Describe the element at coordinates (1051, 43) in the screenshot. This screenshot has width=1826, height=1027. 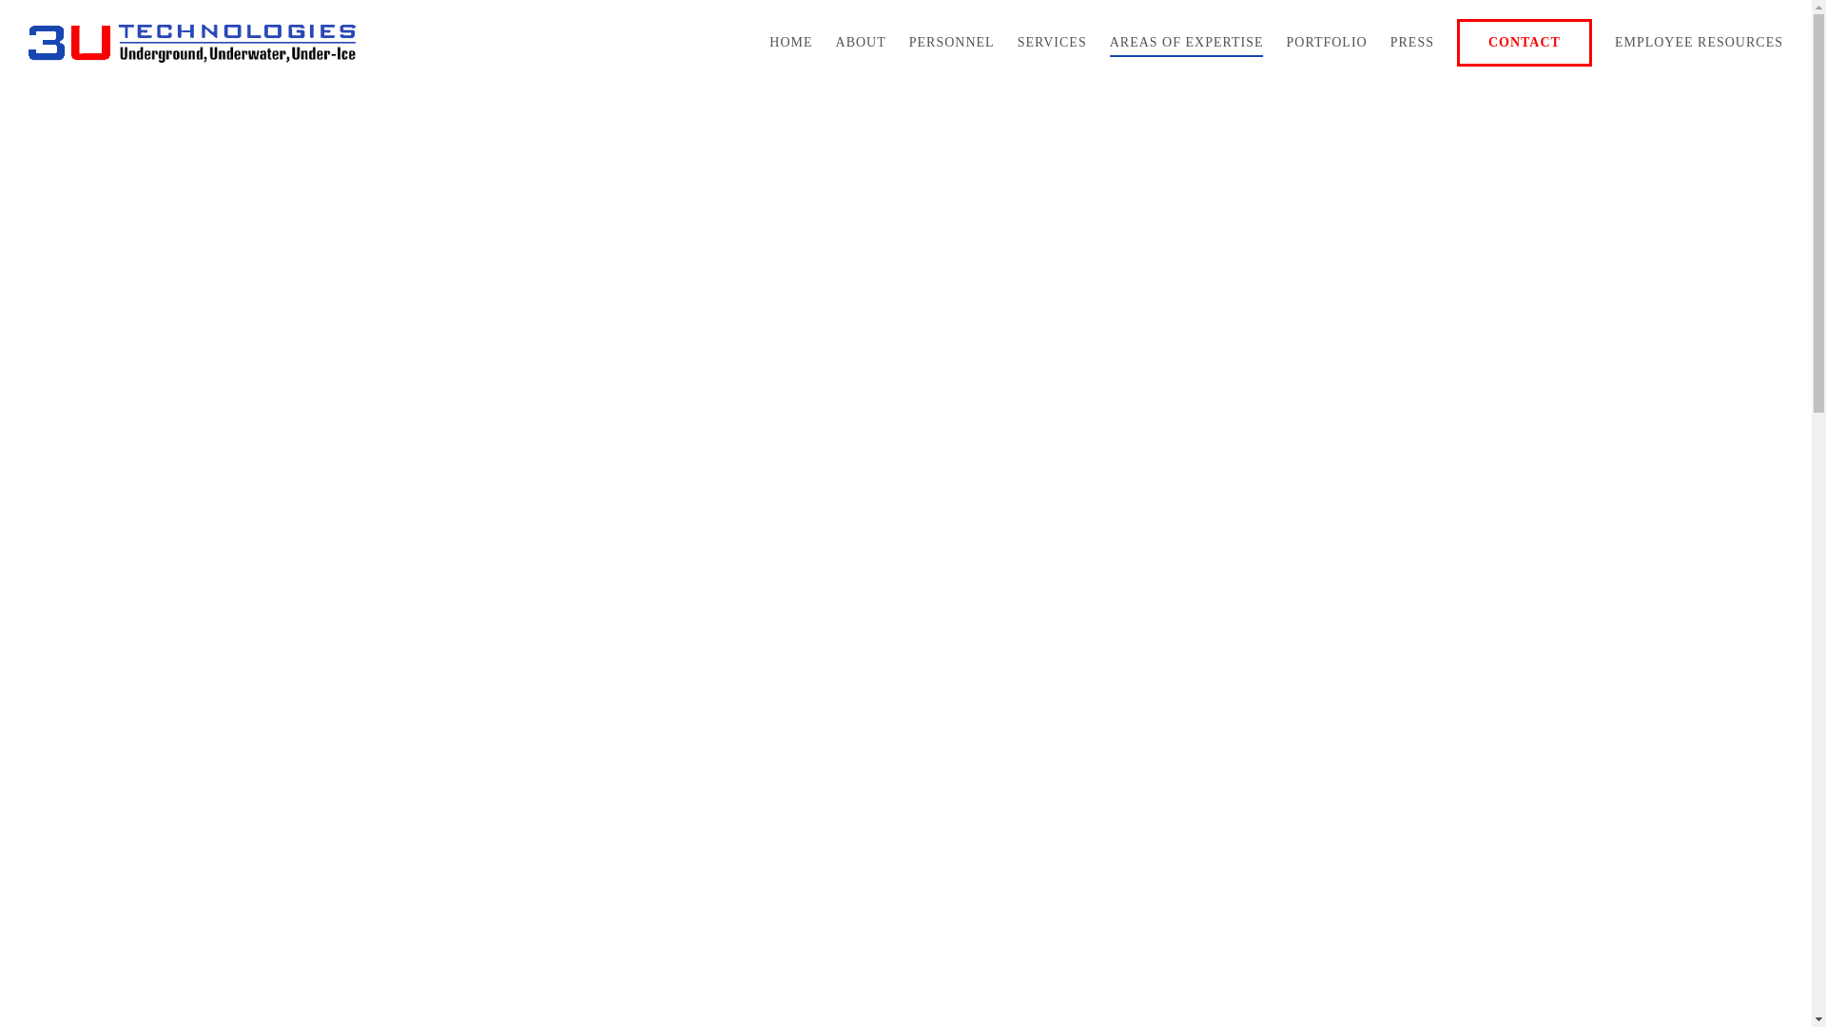
I see `'SERVICES'` at that location.